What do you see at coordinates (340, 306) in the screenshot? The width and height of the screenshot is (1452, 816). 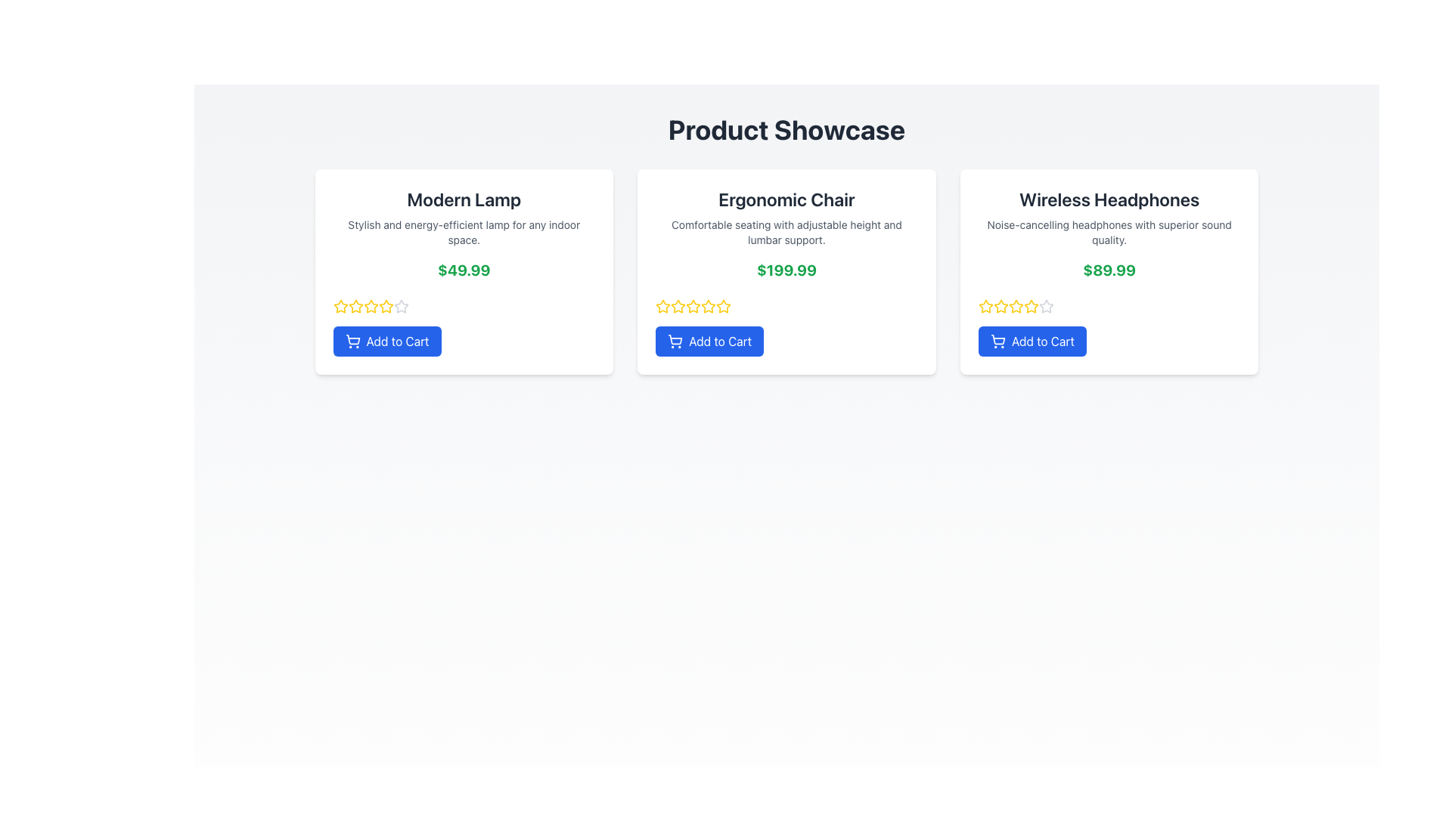 I see `the second star icon in the rating row under the price text ('$49.99') for the 'Modern Lamp' product description` at bounding box center [340, 306].